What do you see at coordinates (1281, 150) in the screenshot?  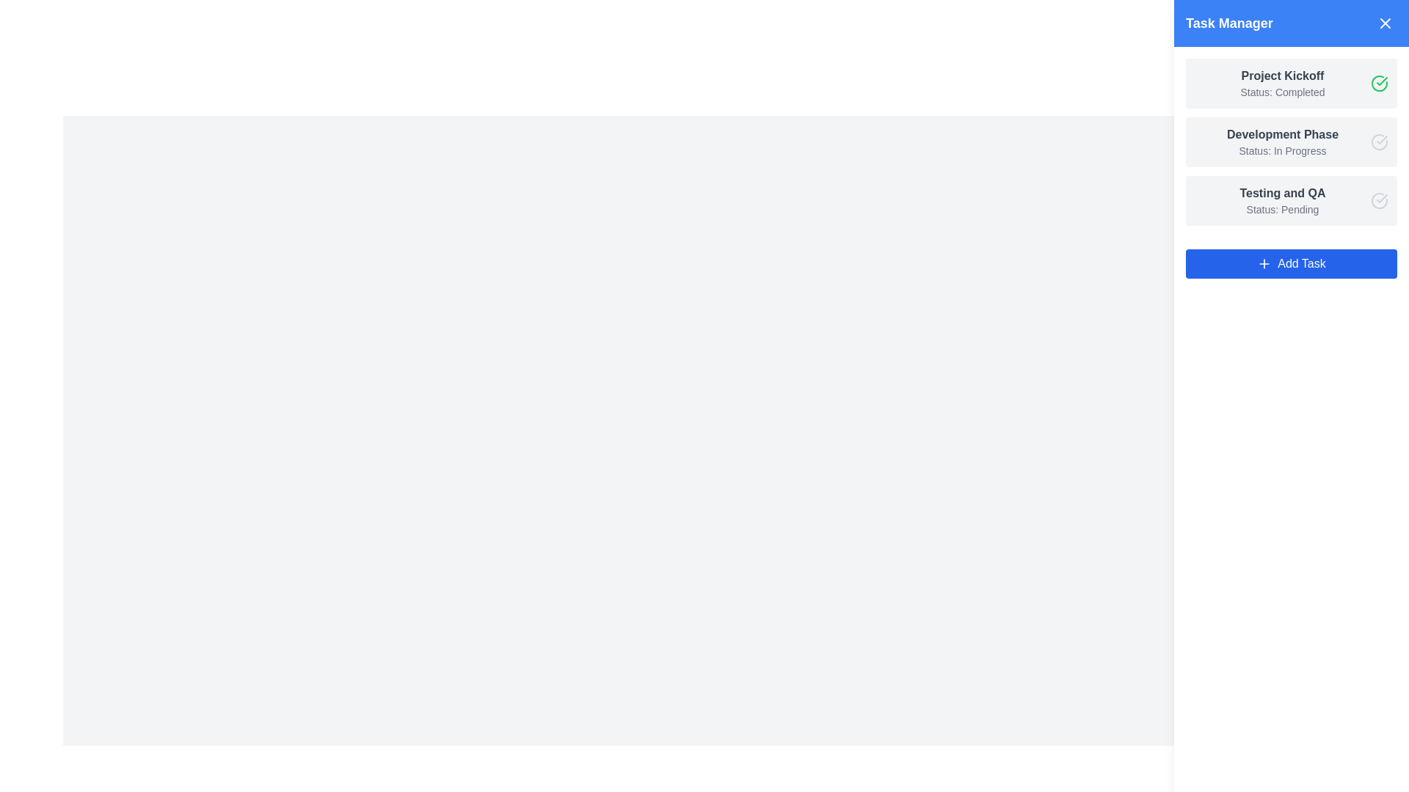 I see `the status update text label that indicates 'In Progress' for the 'Development Phase' task, located in the second card of the vertical task list in the right sidebar` at bounding box center [1281, 150].